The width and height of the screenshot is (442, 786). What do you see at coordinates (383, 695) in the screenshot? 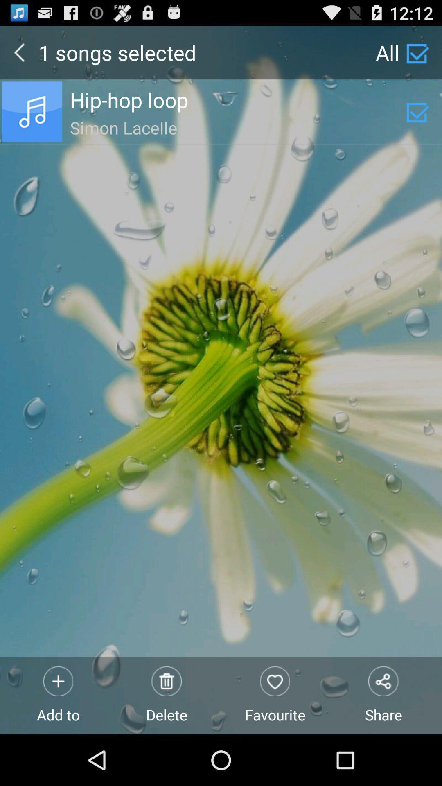
I see `the app at the bottom right corner` at bounding box center [383, 695].